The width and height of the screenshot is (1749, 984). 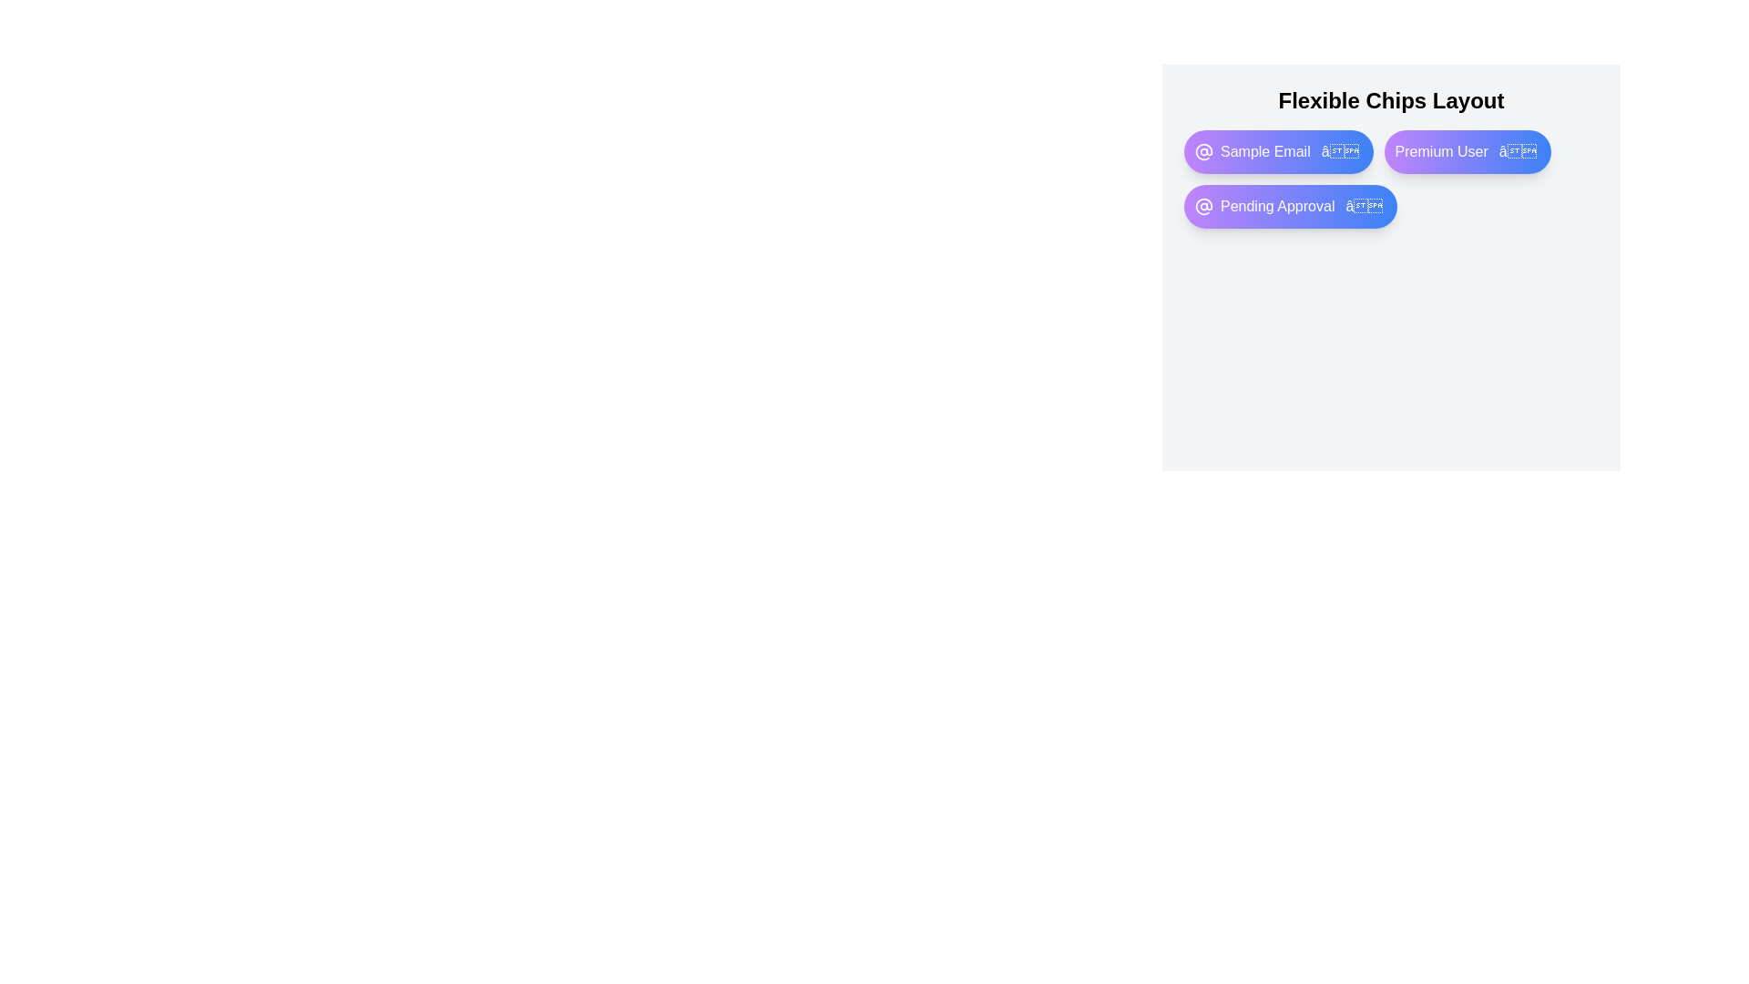 I want to click on close button of the chip labeled Sample Email to remove it, so click(x=1340, y=150).